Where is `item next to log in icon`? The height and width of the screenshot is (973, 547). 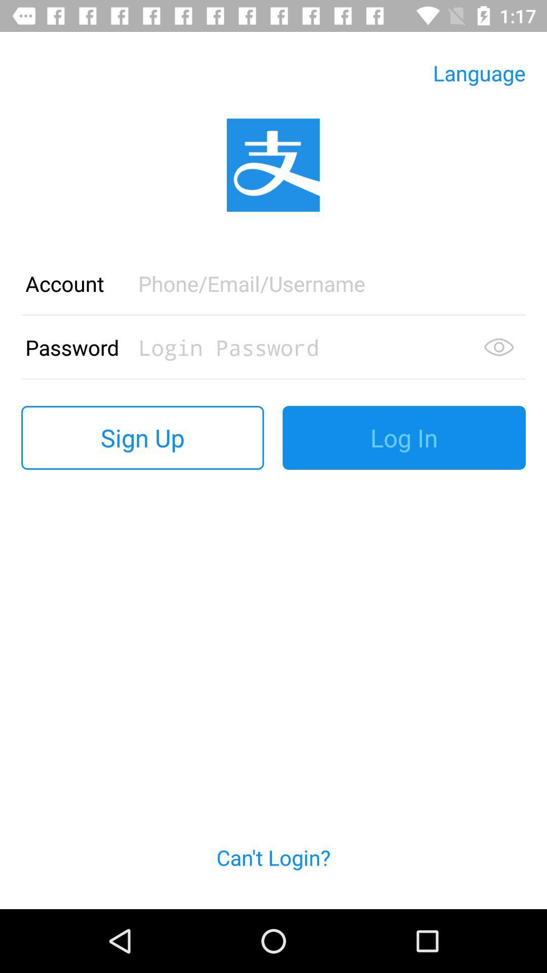 item next to log in icon is located at coordinates (142, 438).